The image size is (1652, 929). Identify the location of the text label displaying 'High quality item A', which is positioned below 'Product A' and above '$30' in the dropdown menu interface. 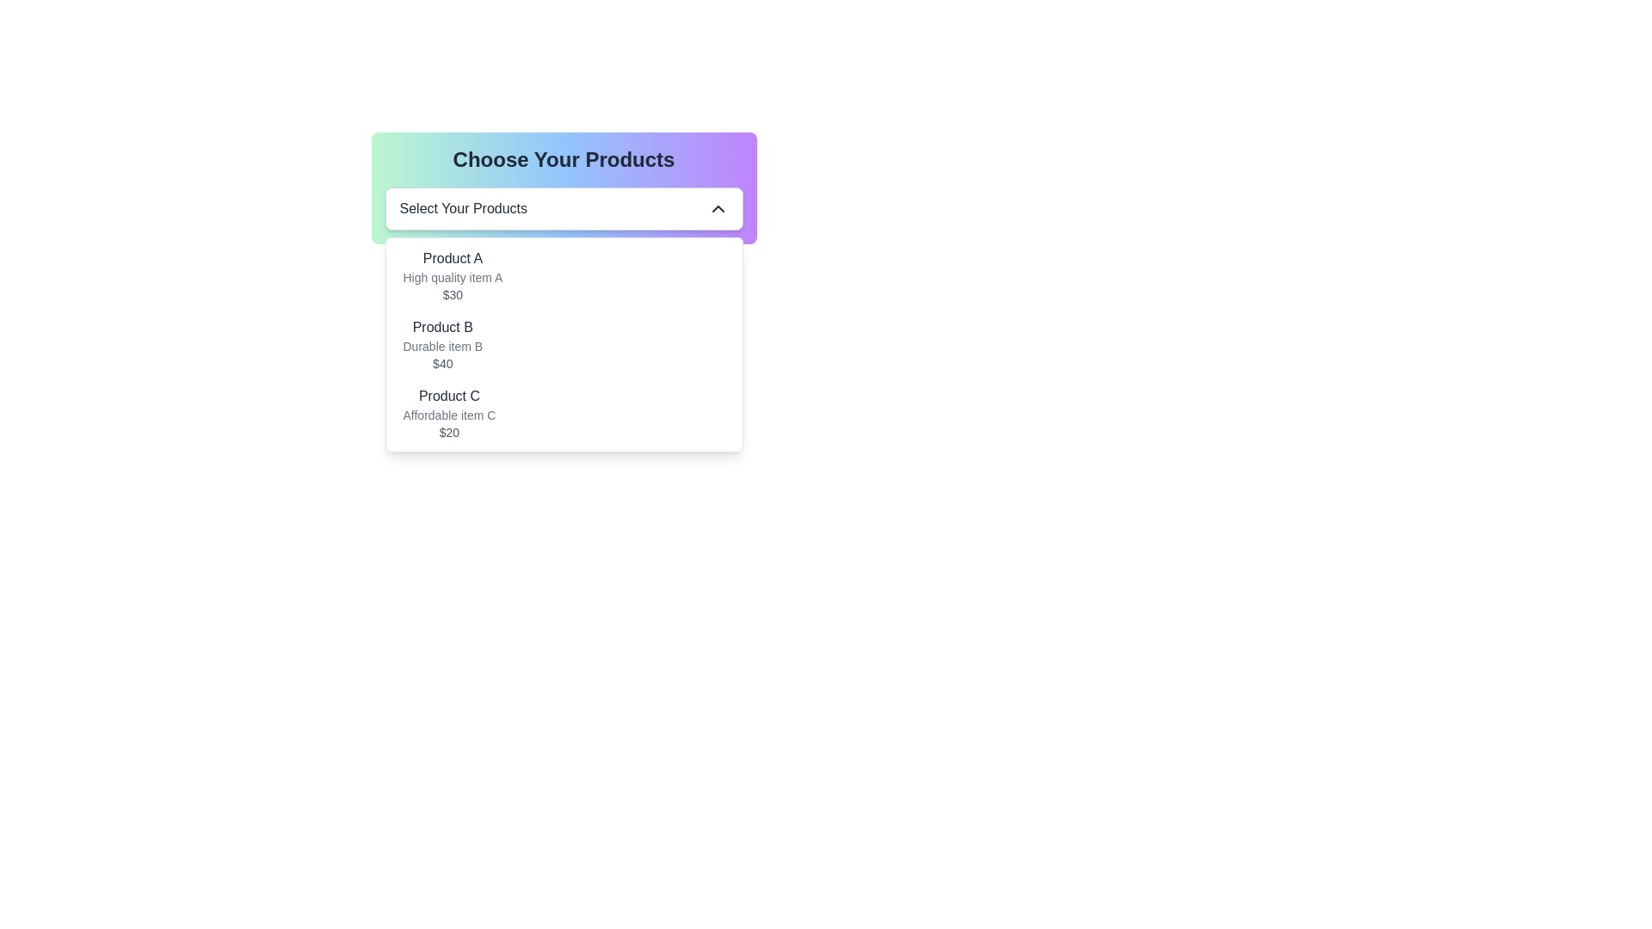
(453, 277).